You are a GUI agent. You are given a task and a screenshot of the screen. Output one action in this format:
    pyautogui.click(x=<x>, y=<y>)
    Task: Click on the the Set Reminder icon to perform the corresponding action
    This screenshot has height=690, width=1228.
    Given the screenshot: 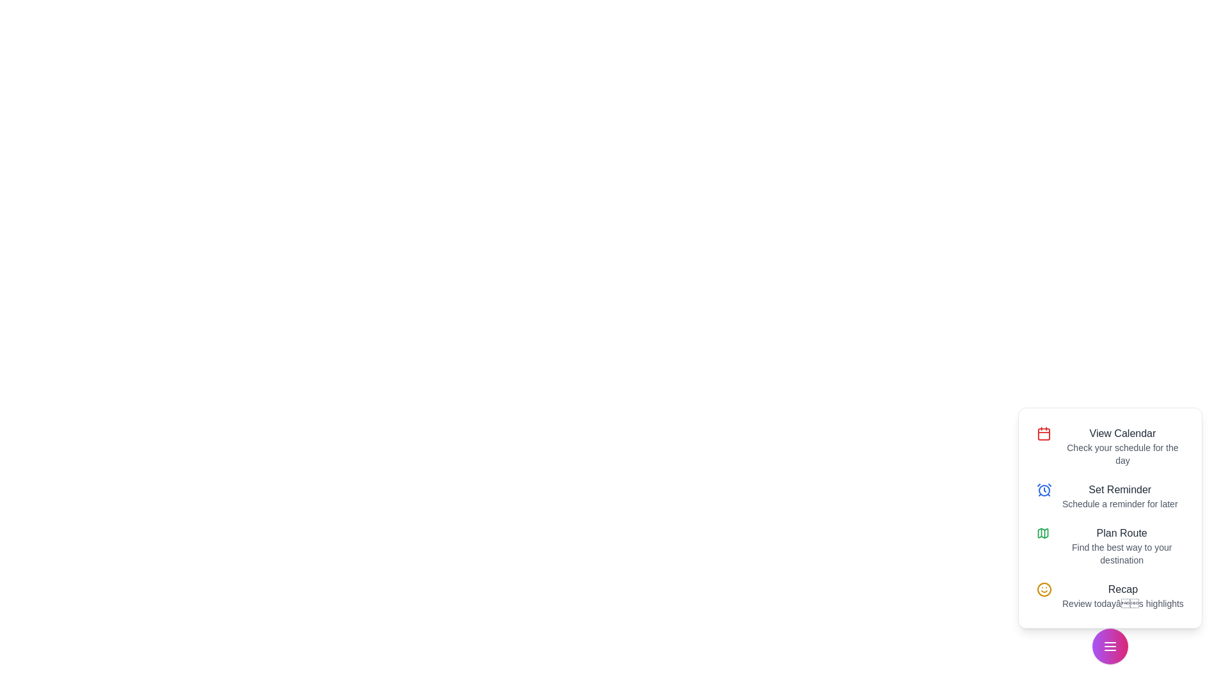 What is the action you would take?
    pyautogui.click(x=1044, y=489)
    